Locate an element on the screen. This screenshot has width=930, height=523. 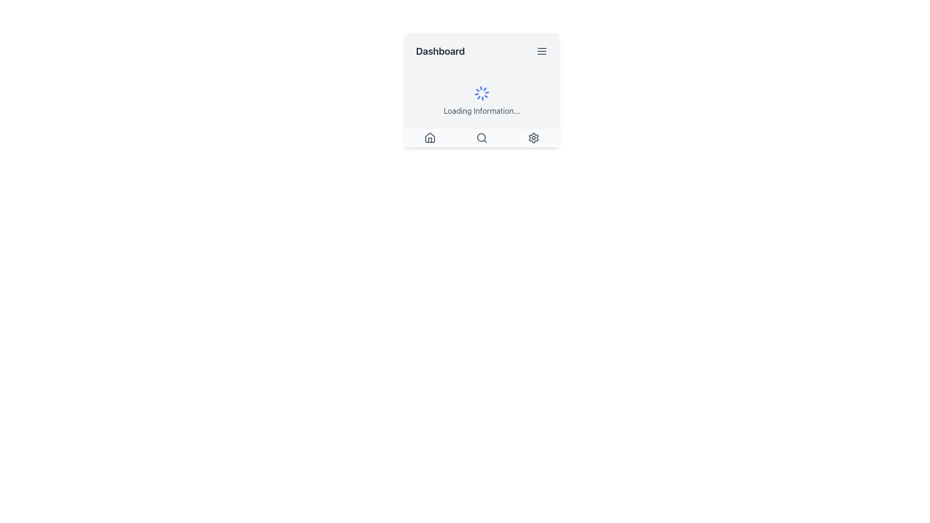
the loading spinner with the blue animated icon and the text 'Loading Information...' centered in the light-colored card beneath the 'Dashboard' header is located at coordinates (481, 101).